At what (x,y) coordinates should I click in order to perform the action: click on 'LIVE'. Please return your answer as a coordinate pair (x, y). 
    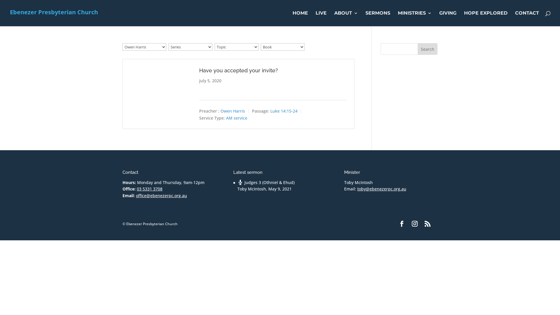
    Looking at the image, I should click on (315, 18).